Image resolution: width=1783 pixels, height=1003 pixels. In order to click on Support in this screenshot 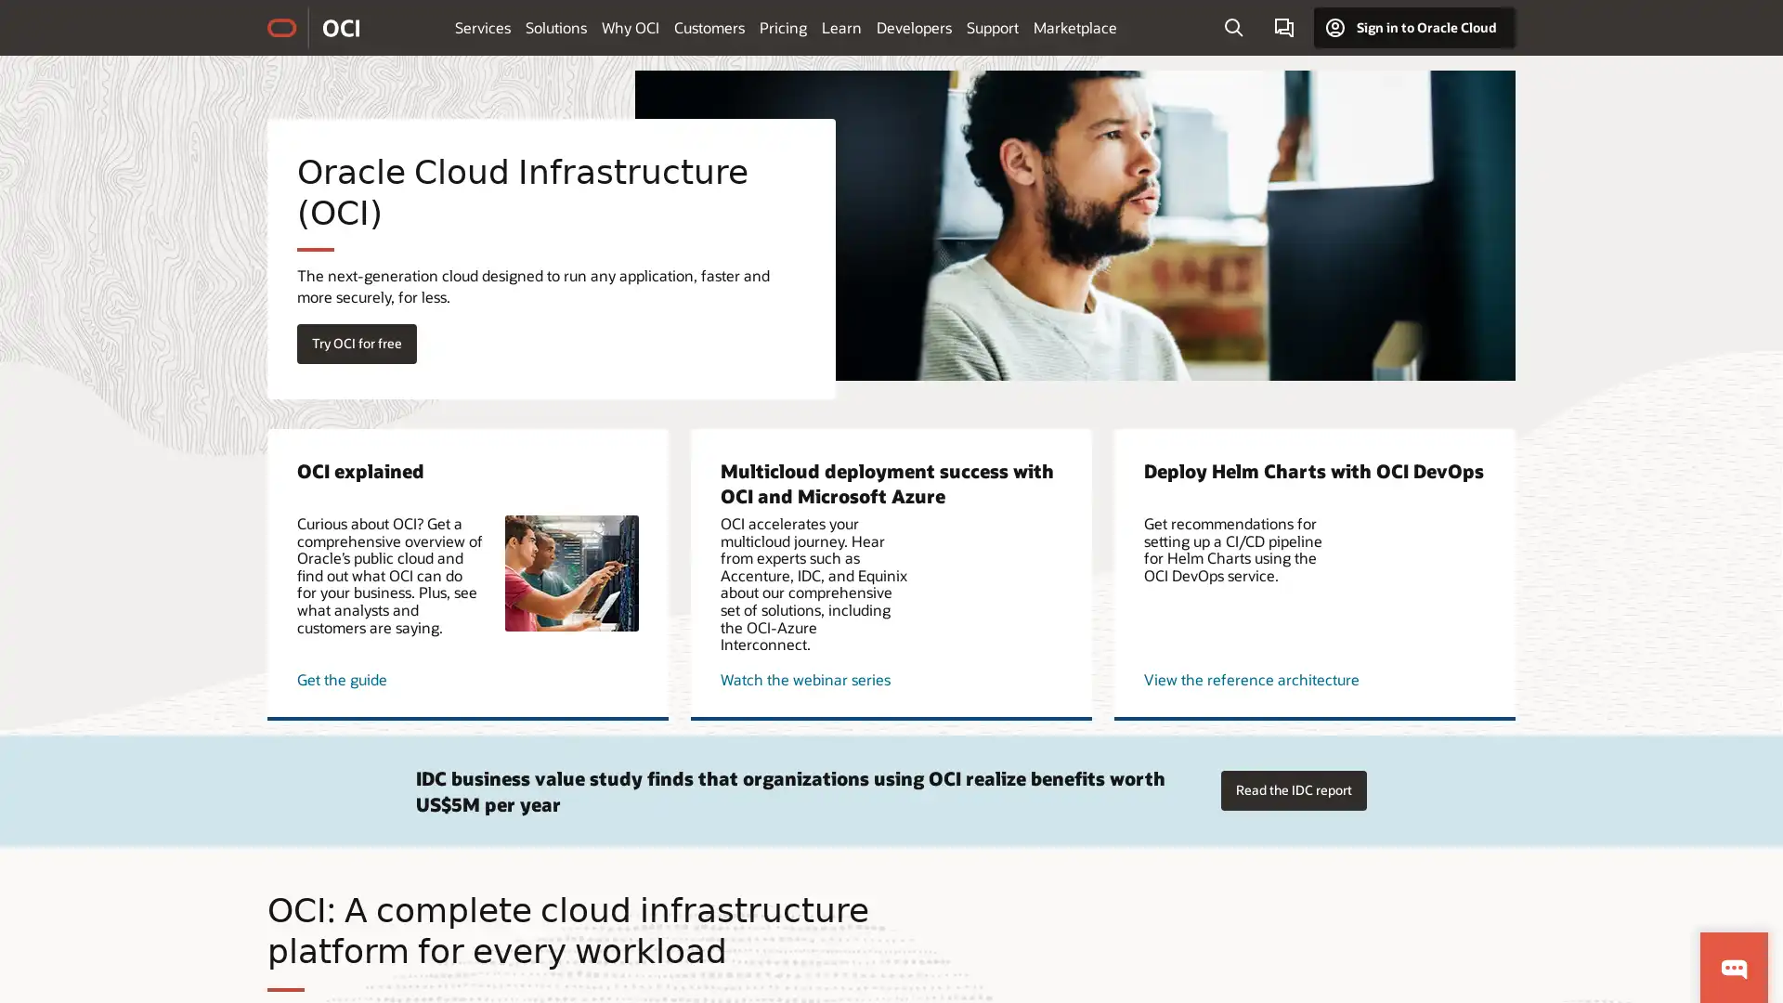, I will do `click(992, 27)`.